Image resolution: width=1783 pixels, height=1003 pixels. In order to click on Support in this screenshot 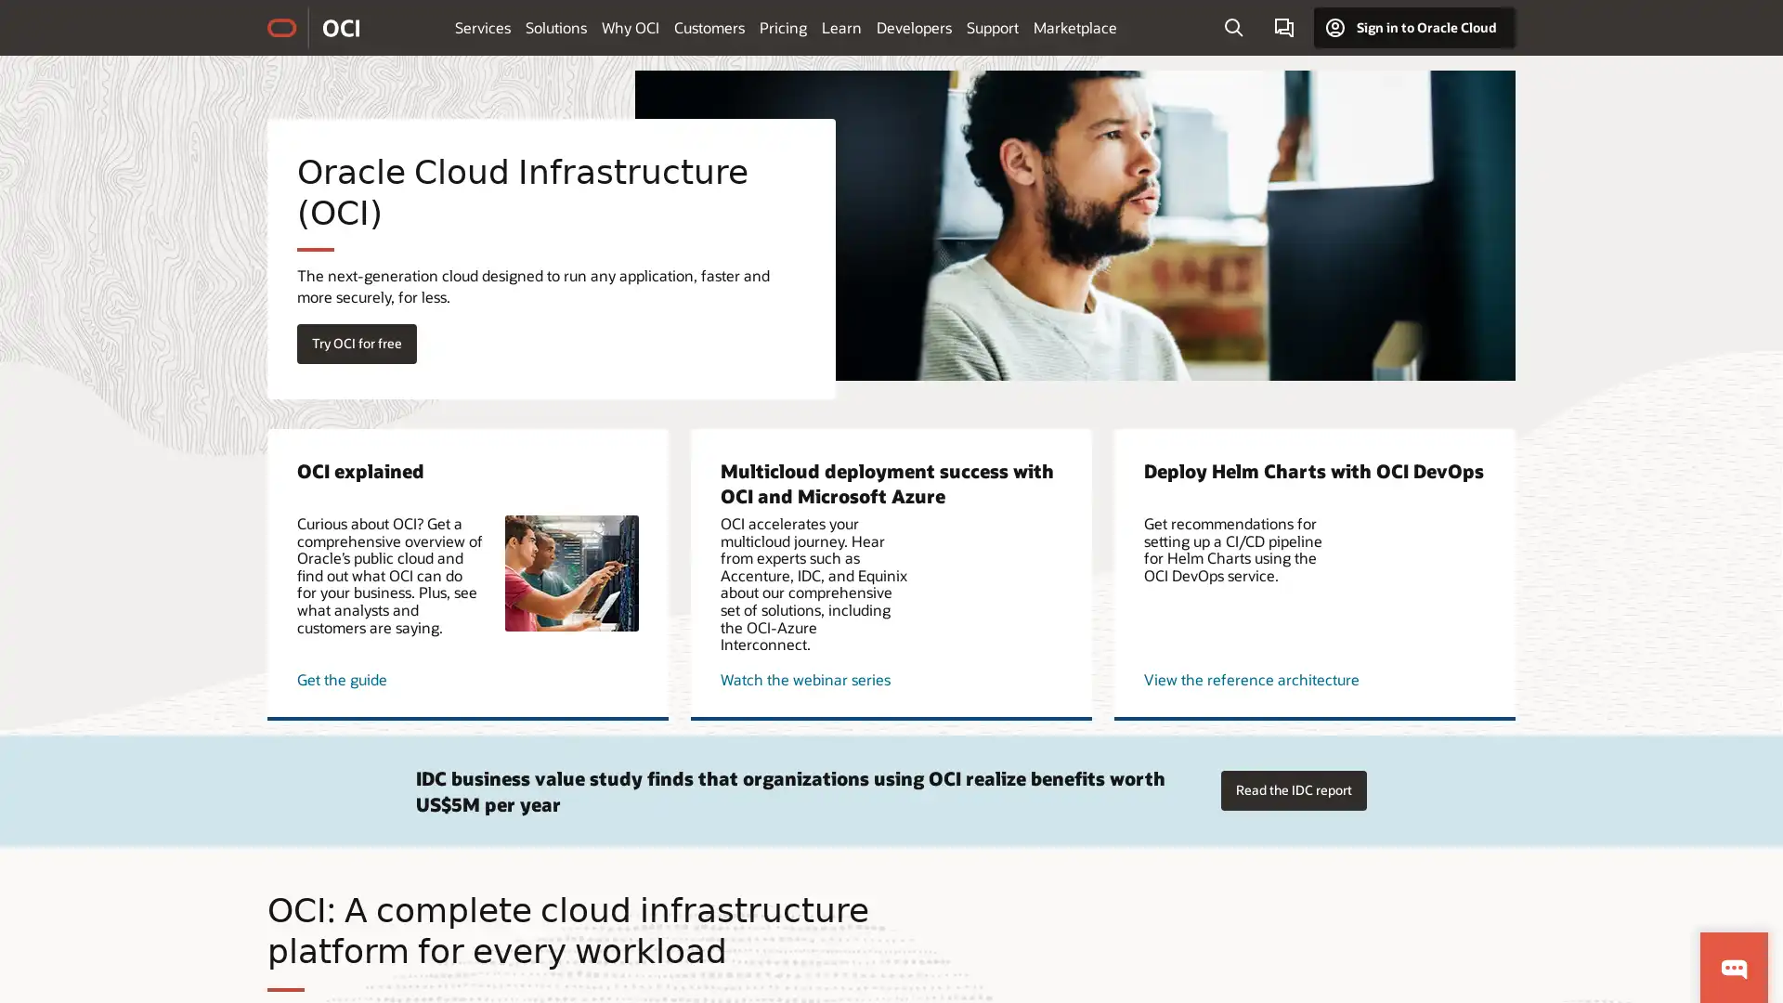, I will do `click(992, 27)`.